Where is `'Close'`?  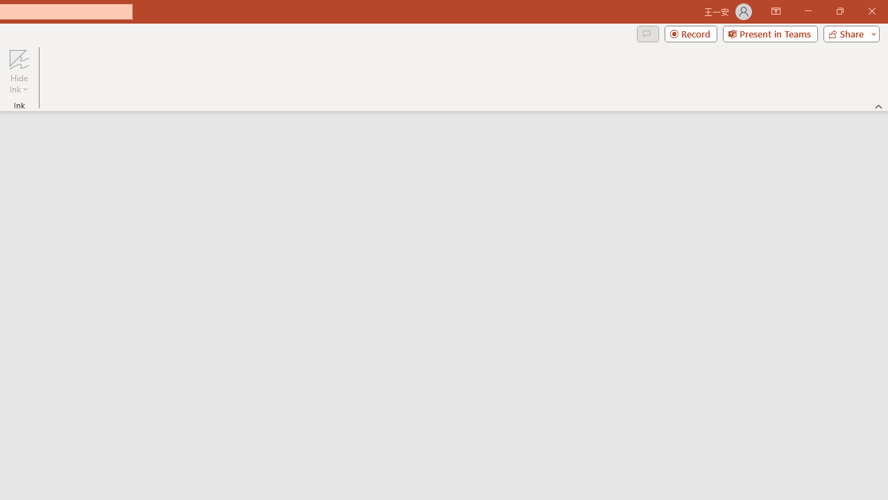 'Close' is located at coordinates (871, 11).